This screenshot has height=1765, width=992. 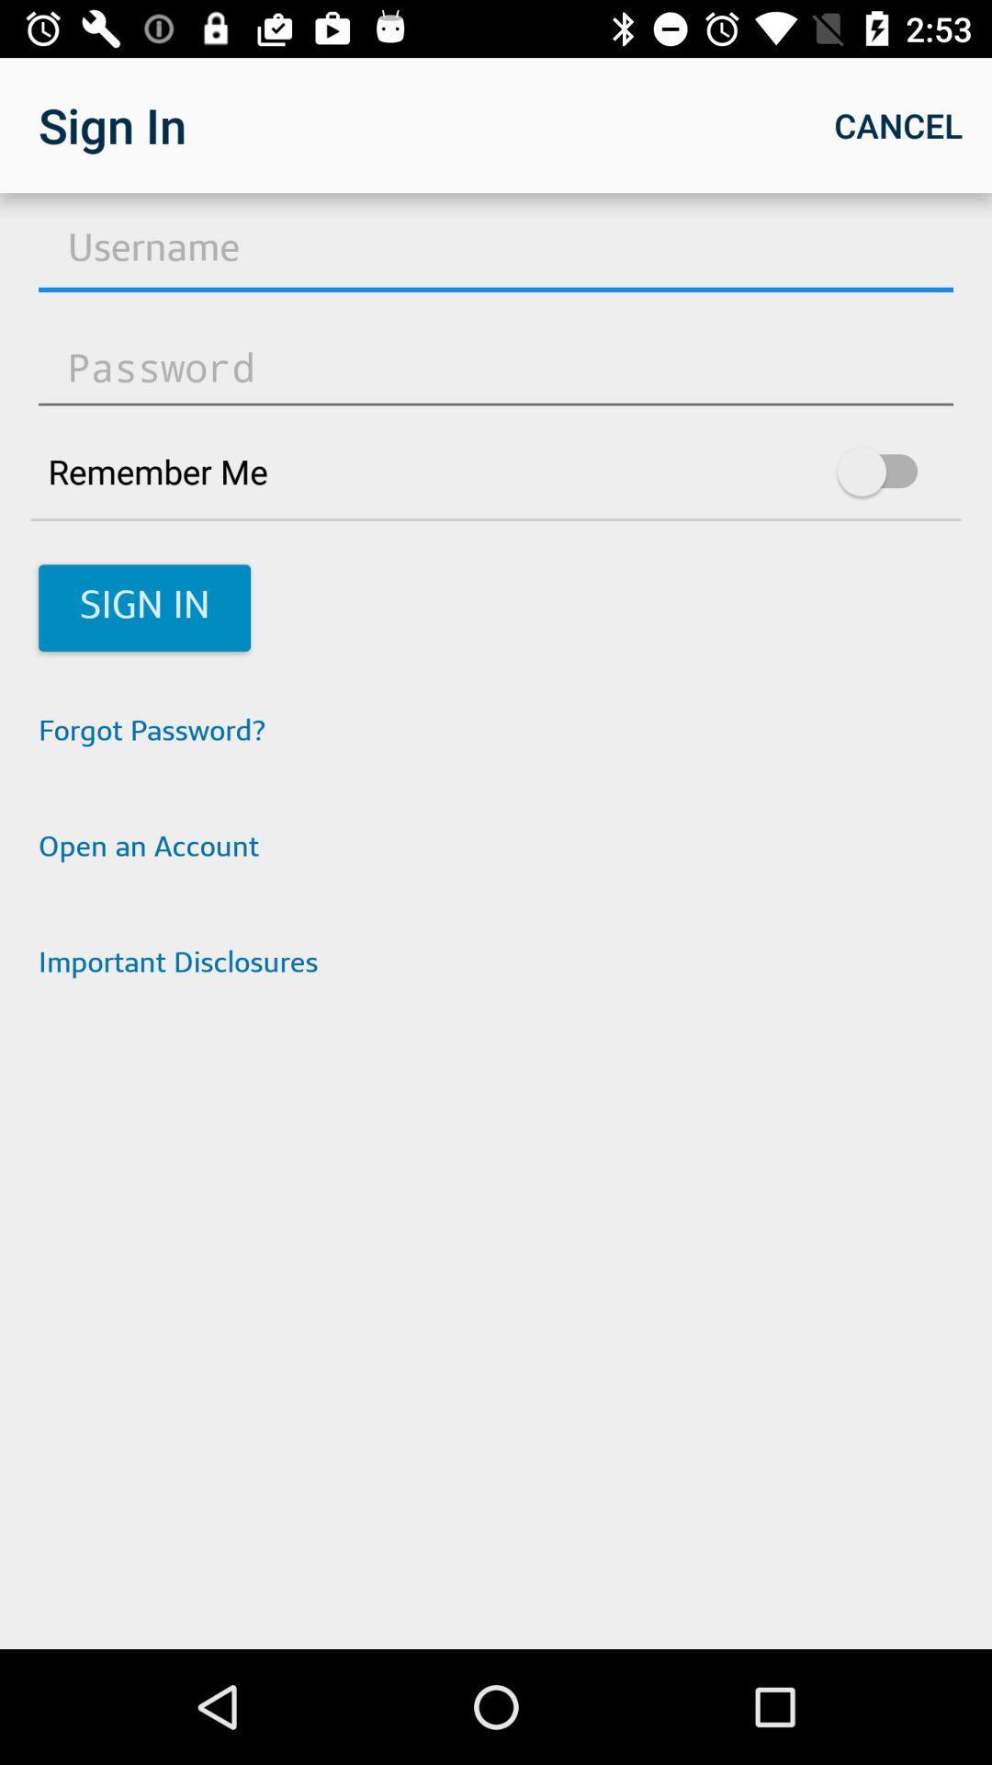 What do you see at coordinates (496, 732) in the screenshot?
I see `the forgot password? app` at bounding box center [496, 732].